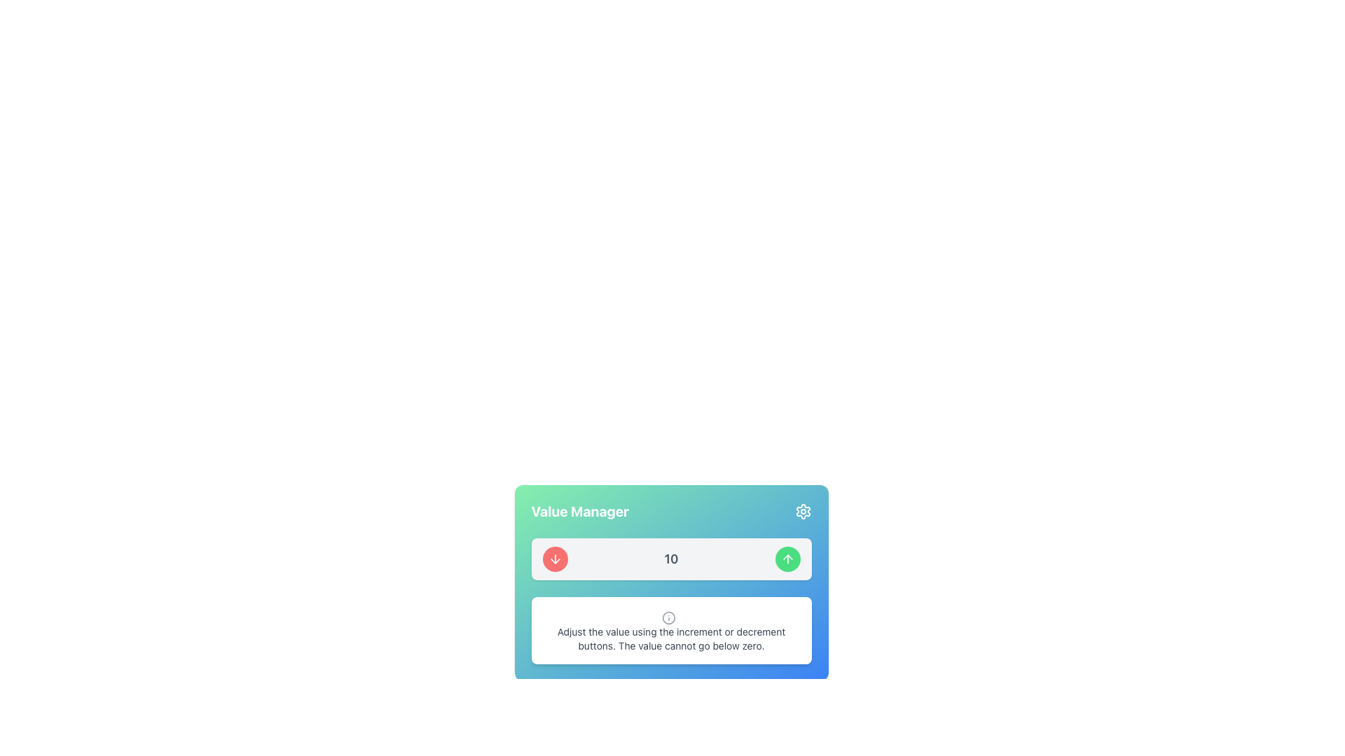 The image size is (1345, 756). What do you see at coordinates (554, 558) in the screenshot?
I see `the decrement button located to the left of the numeric display showing '10' to decrease the associated value` at bounding box center [554, 558].